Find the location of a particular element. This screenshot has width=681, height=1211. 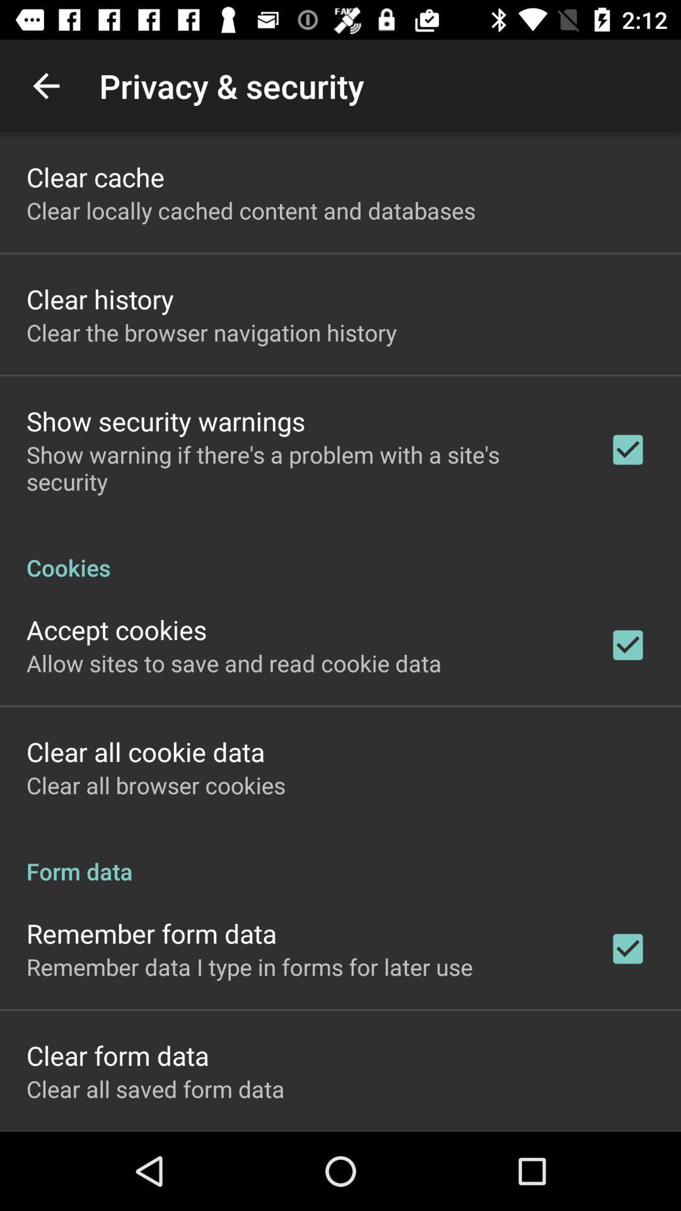

the icon above the cookies icon is located at coordinates (301, 467).